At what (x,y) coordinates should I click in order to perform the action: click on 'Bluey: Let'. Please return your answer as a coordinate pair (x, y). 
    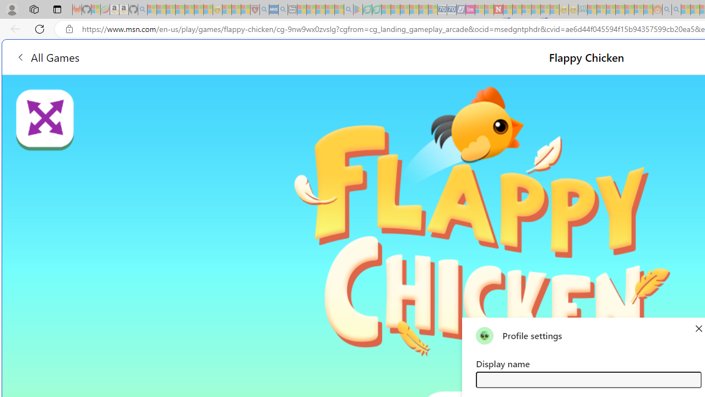
    Looking at the image, I should click on (358, 9).